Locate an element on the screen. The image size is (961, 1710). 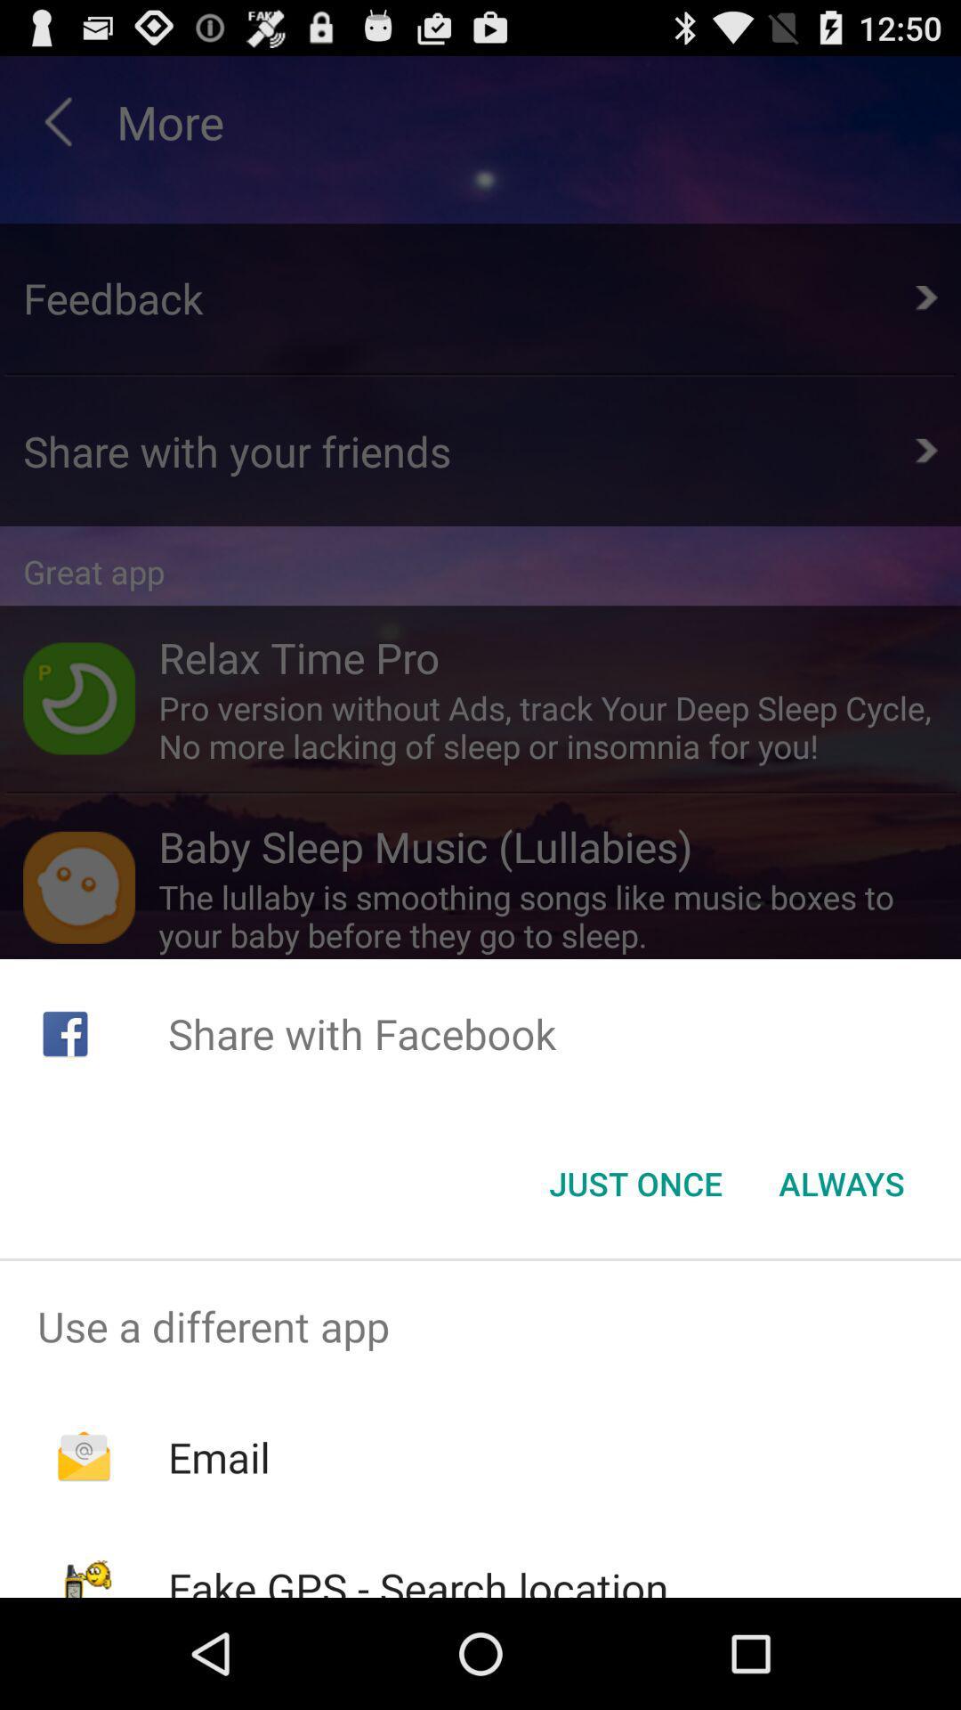
email app is located at coordinates (218, 1457).